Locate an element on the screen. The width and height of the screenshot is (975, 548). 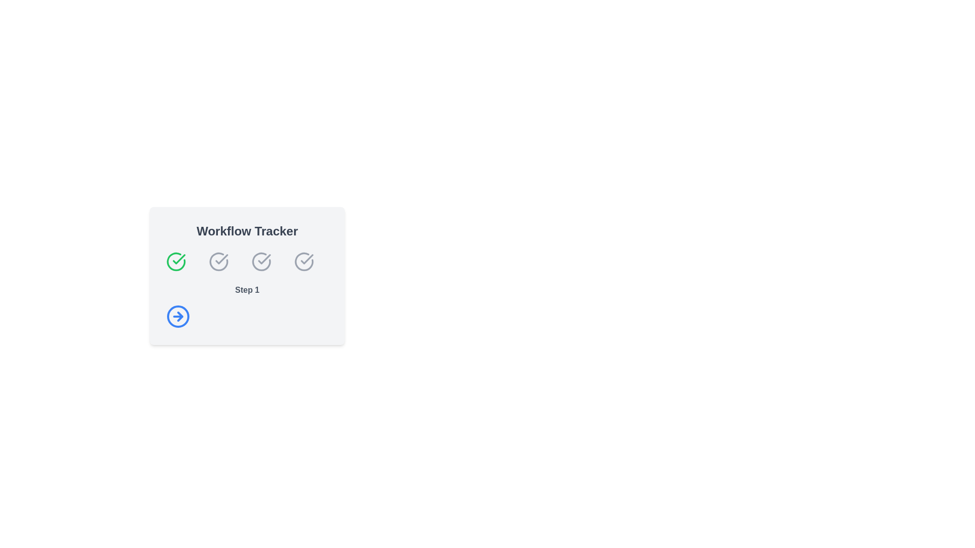
the circular icon with a gray checkmark located in the top-right corner of the workflow tracker component is located at coordinates (304, 261).